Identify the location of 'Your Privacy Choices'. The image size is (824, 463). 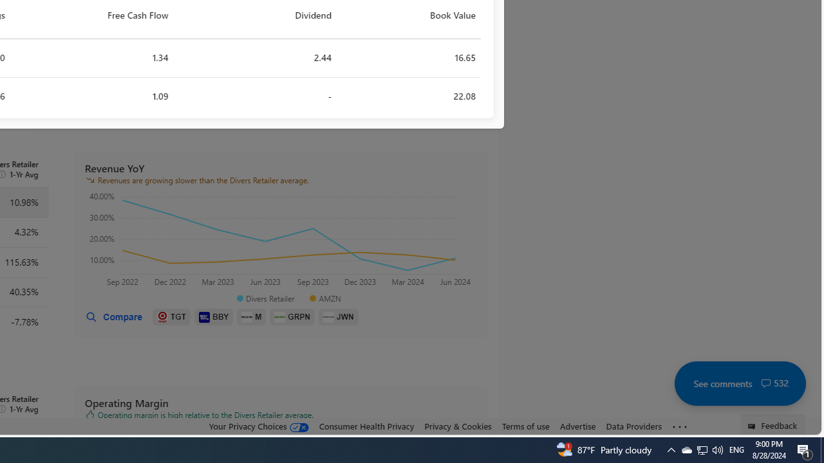
(257, 426).